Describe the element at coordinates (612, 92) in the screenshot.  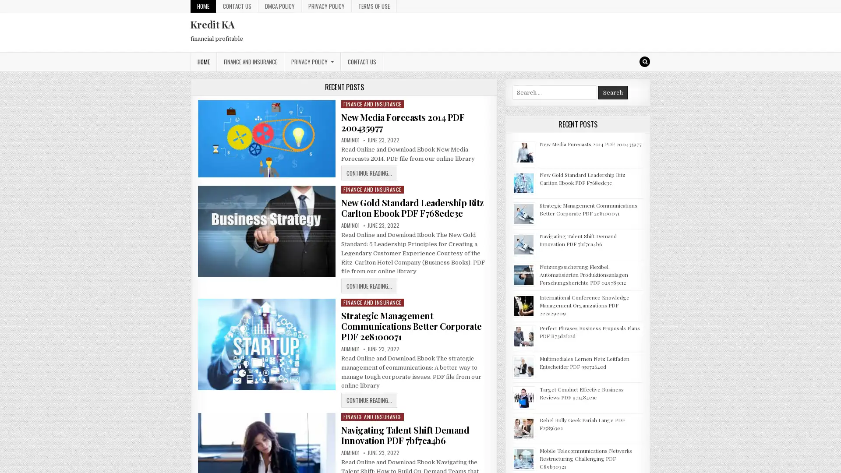
I see `Search` at that location.